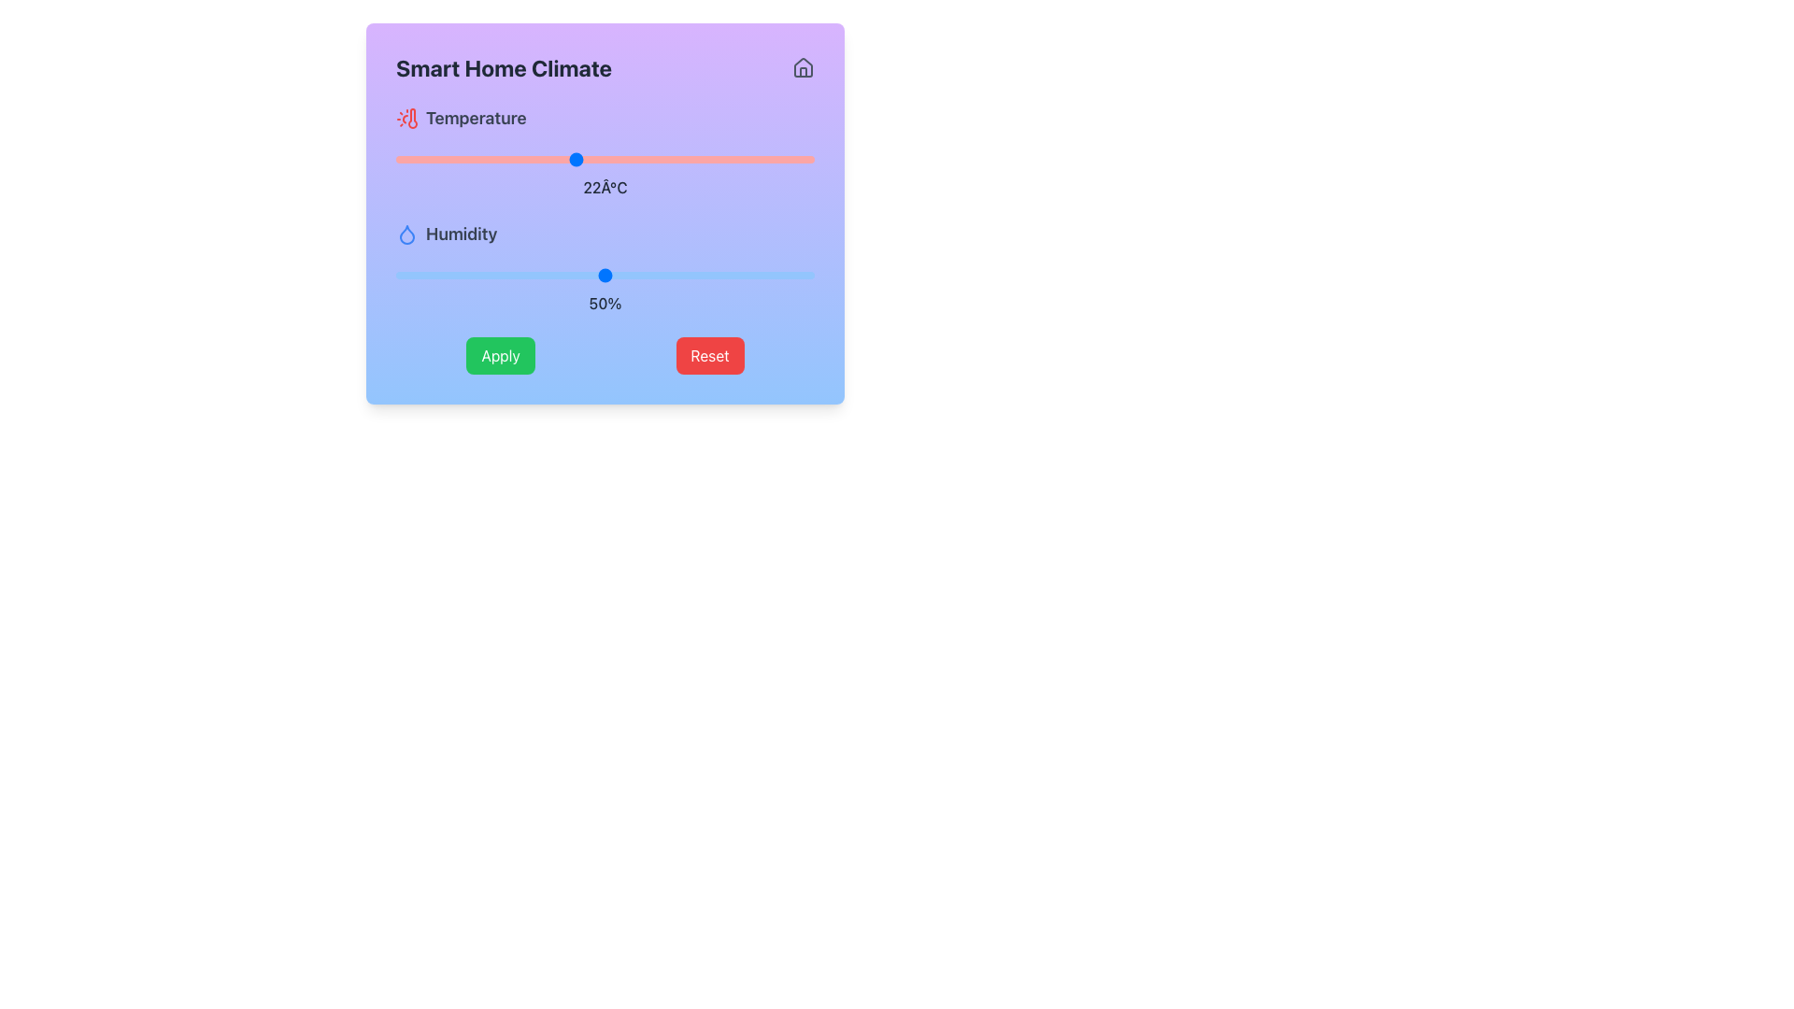  I want to click on the Slider control for temperature adjustment, which features a red background track and a blue circular thumb positioned near the left side, so click(605, 150).